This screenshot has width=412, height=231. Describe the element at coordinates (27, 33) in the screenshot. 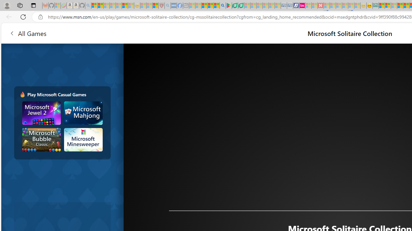

I see `'All Games'` at that location.